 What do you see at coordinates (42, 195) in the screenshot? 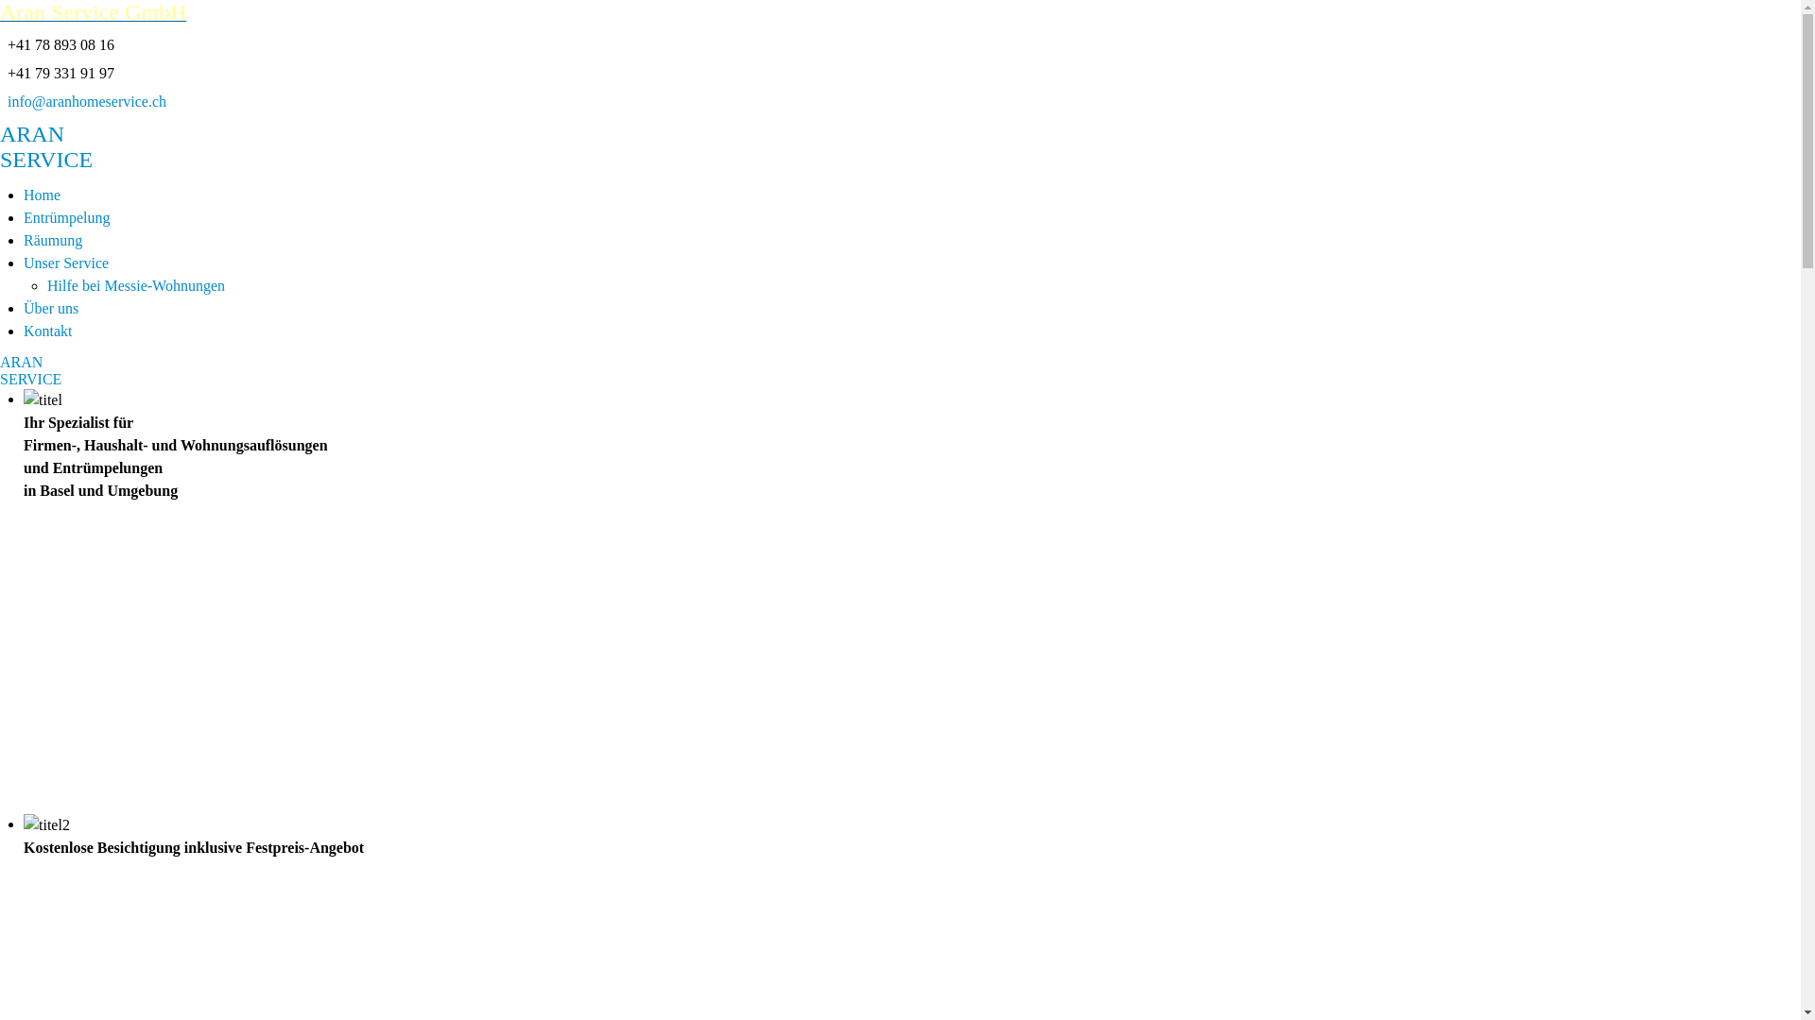
I see `'Home'` at bounding box center [42, 195].